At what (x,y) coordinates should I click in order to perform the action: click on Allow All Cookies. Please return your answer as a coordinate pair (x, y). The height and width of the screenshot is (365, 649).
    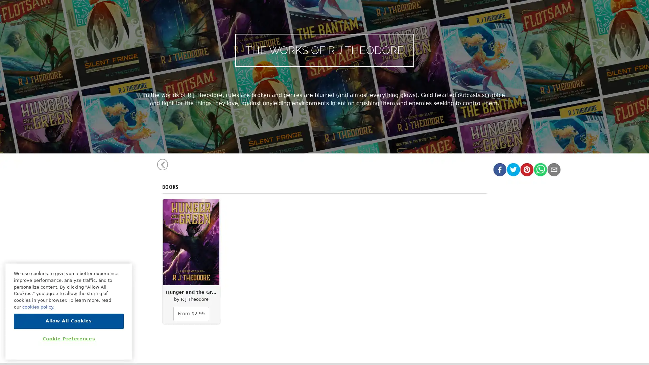
    Looking at the image, I should click on (69, 320).